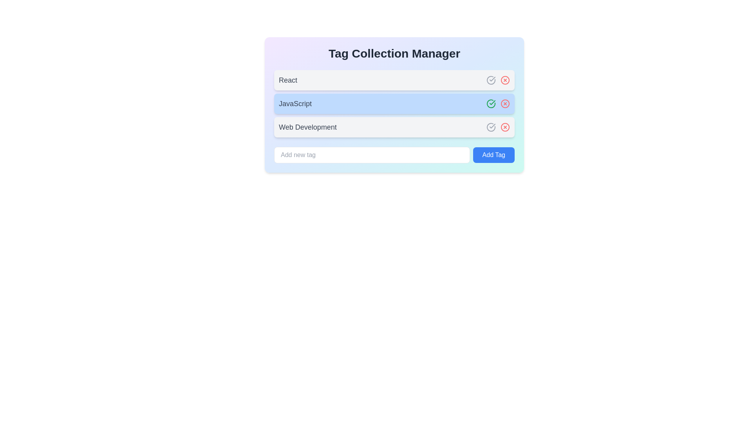  What do you see at coordinates (498, 127) in the screenshot?
I see `the cross icon in the interactive group of controls next to the 'Web Development' label` at bounding box center [498, 127].